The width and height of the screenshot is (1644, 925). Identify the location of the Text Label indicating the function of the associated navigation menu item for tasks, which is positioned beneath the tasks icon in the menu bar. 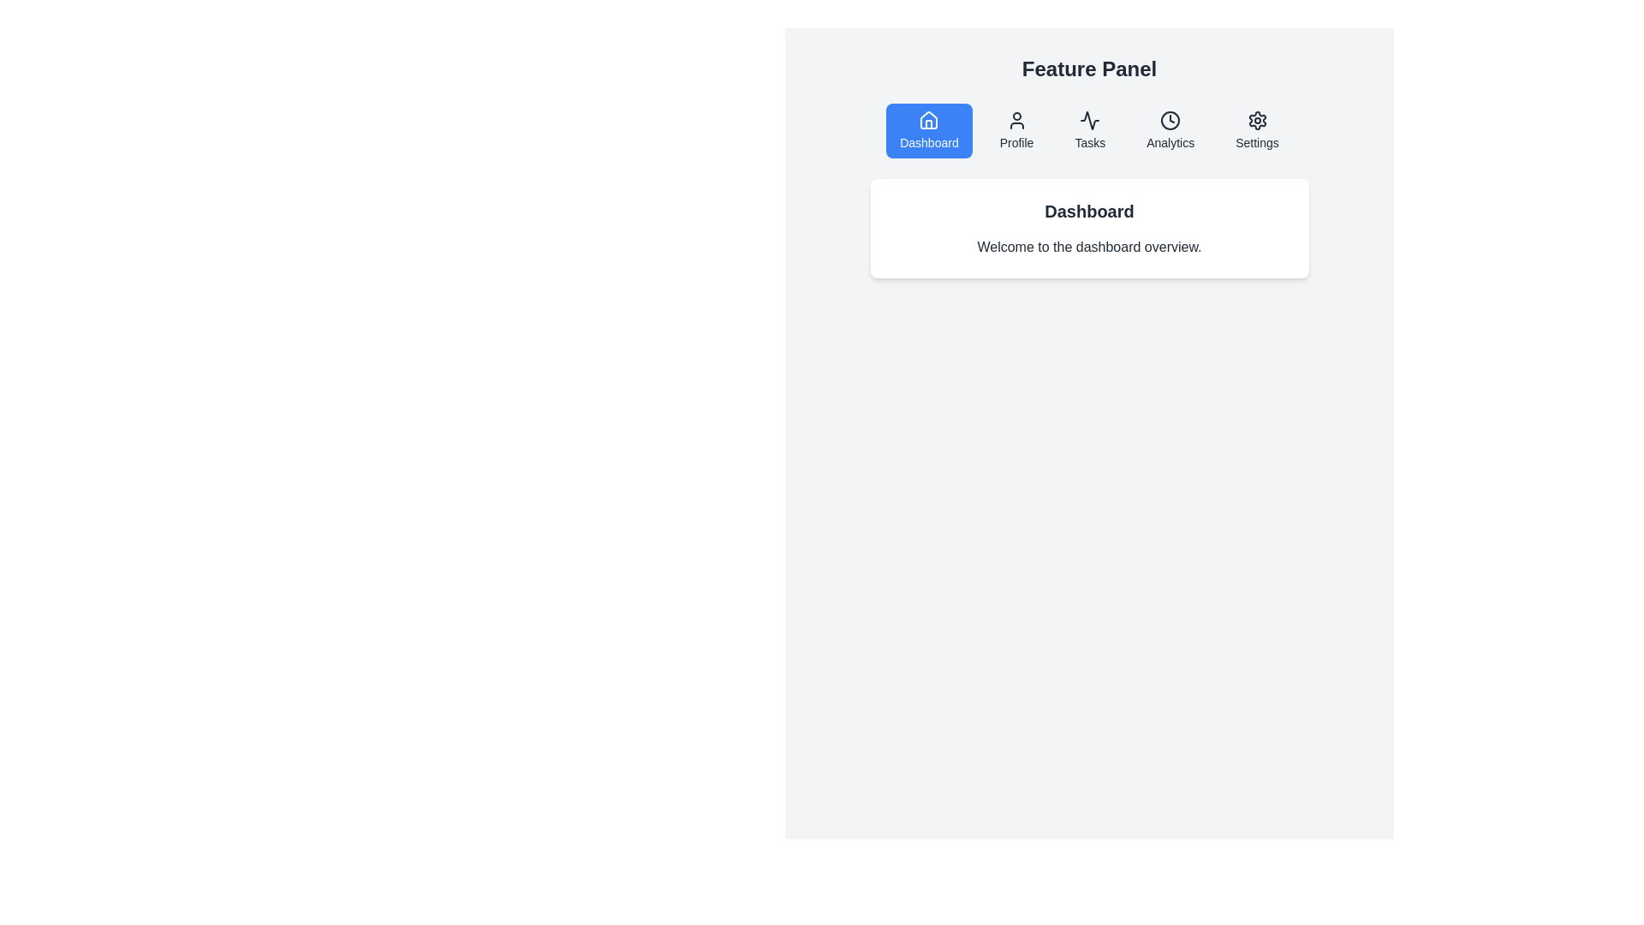
(1089, 141).